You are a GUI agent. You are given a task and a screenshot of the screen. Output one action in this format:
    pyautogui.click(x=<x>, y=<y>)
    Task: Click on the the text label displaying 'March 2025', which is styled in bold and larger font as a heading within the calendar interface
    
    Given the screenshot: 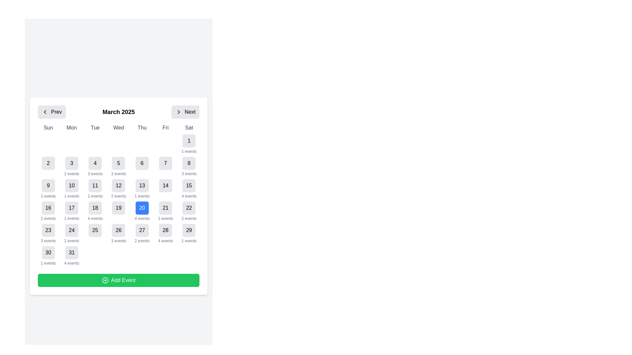 What is the action you would take?
    pyautogui.click(x=118, y=111)
    